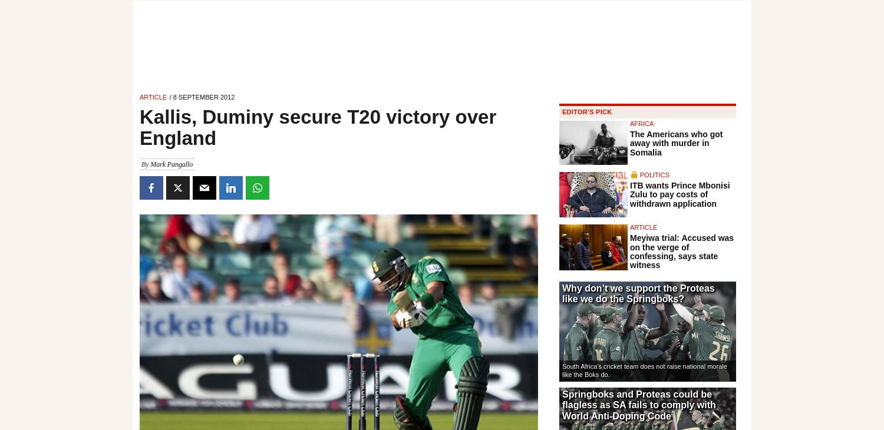 The image size is (884, 430). What do you see at coordinates (139, 111) in the screenshot?
I see `'Kallis then set in with Duminy to guide South Africa home.'` at bounding box center [139, 111].